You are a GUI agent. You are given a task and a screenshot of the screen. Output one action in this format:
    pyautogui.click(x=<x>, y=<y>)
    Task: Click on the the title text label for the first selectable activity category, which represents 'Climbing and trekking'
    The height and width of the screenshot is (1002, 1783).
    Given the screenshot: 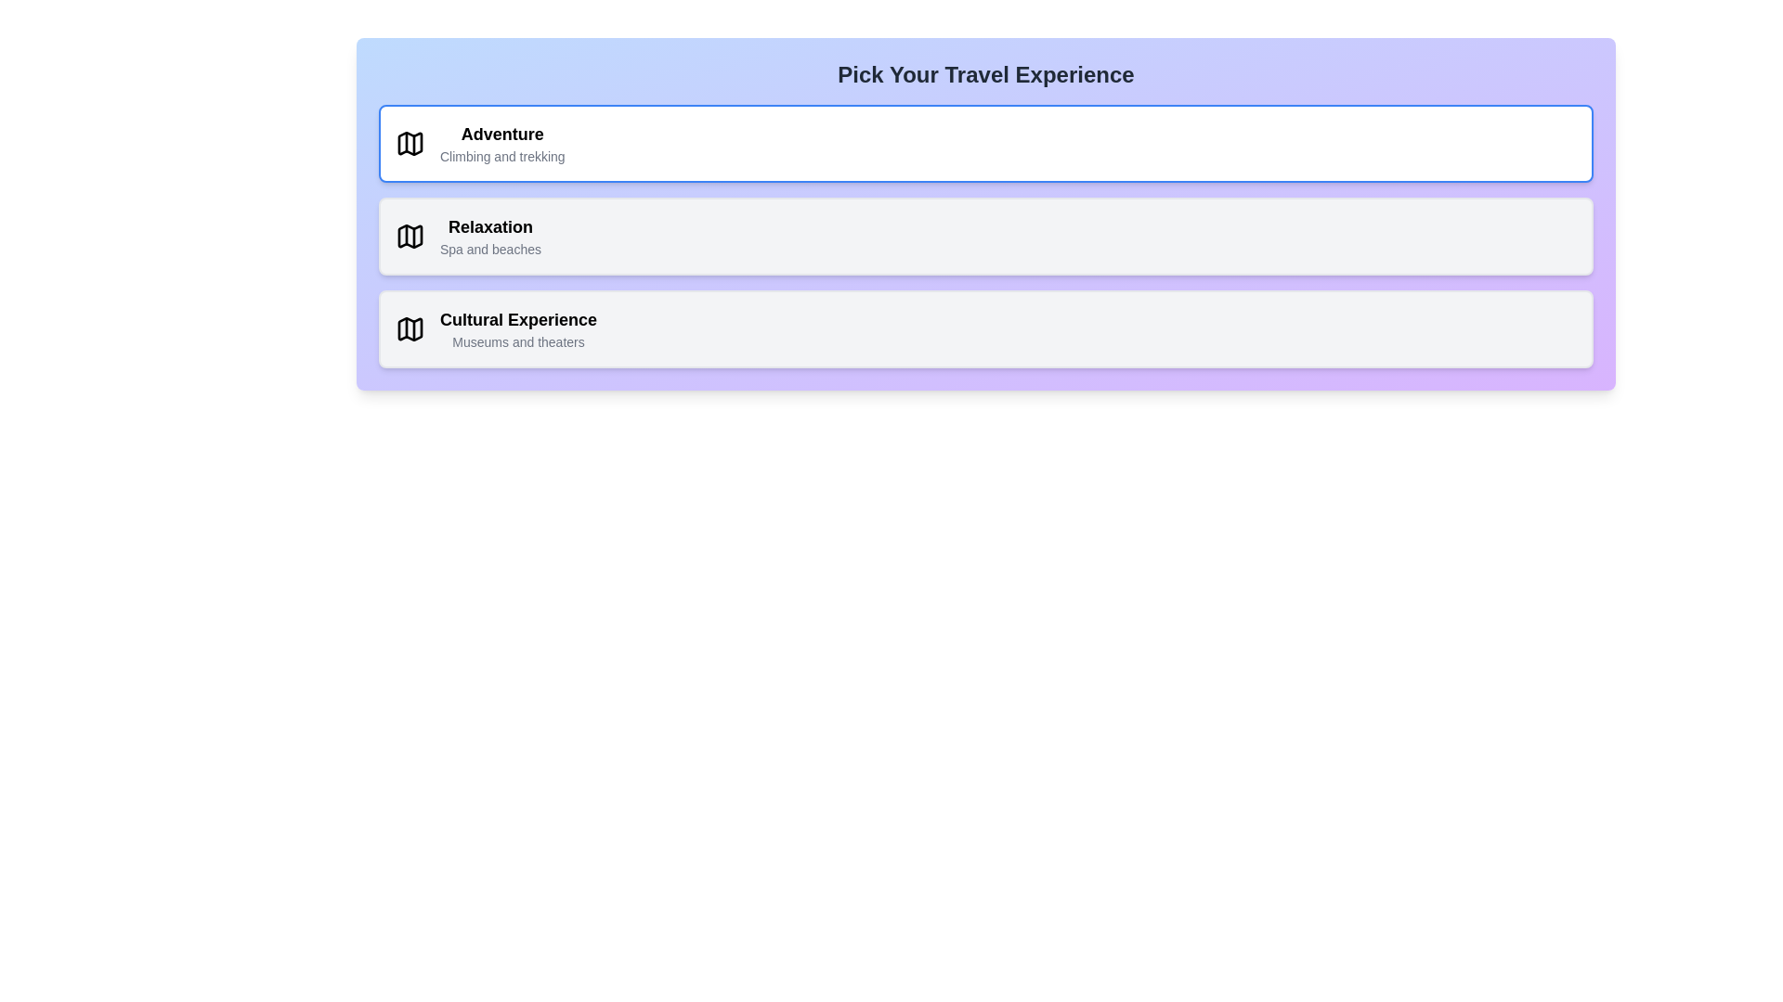 What is the action you would take?
    pyautogui.click(x=502, y=134)
    